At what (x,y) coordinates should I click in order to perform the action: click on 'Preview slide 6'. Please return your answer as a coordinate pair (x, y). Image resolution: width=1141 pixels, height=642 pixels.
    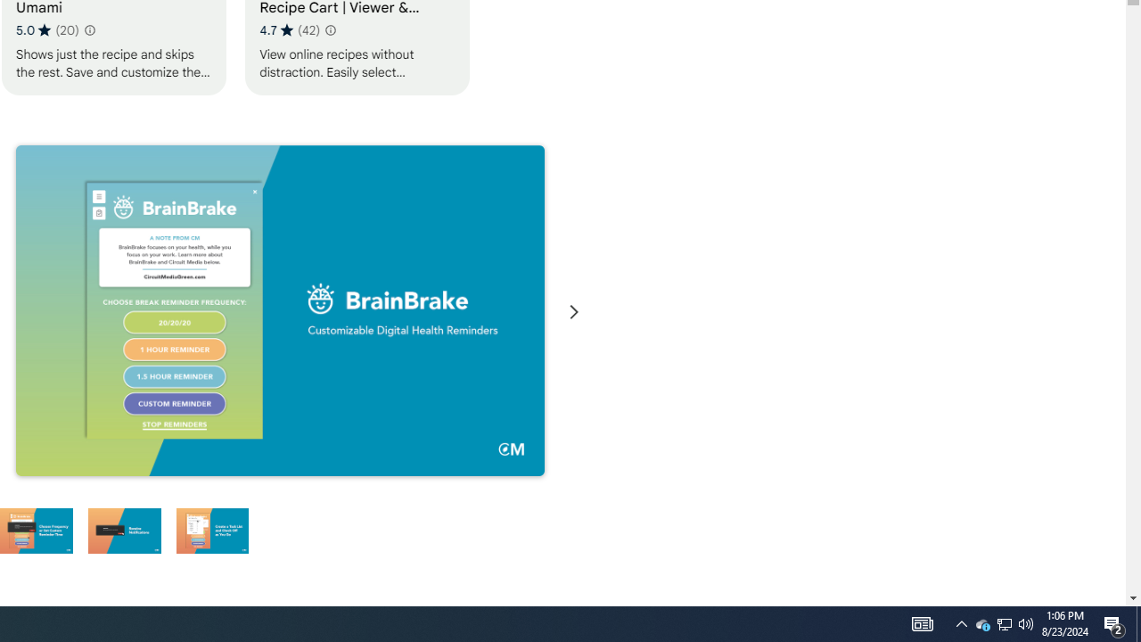
    Looking at the image, I should click on (212, 529).